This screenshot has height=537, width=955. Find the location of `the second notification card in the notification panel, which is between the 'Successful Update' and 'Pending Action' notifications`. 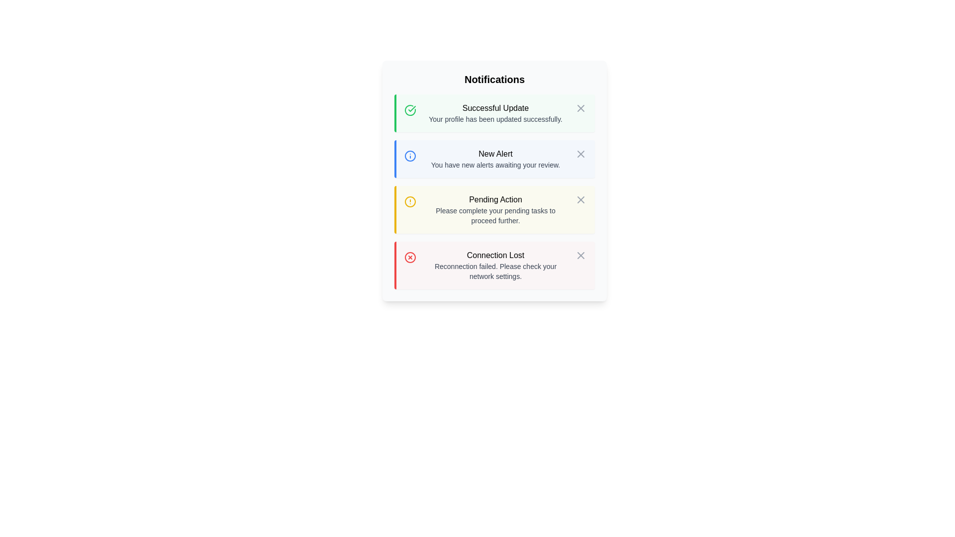

the second notification card in the notification panel, which is between the 'Successful Update' and 'Pending Action' notifications is located at coordinates (494, 159).